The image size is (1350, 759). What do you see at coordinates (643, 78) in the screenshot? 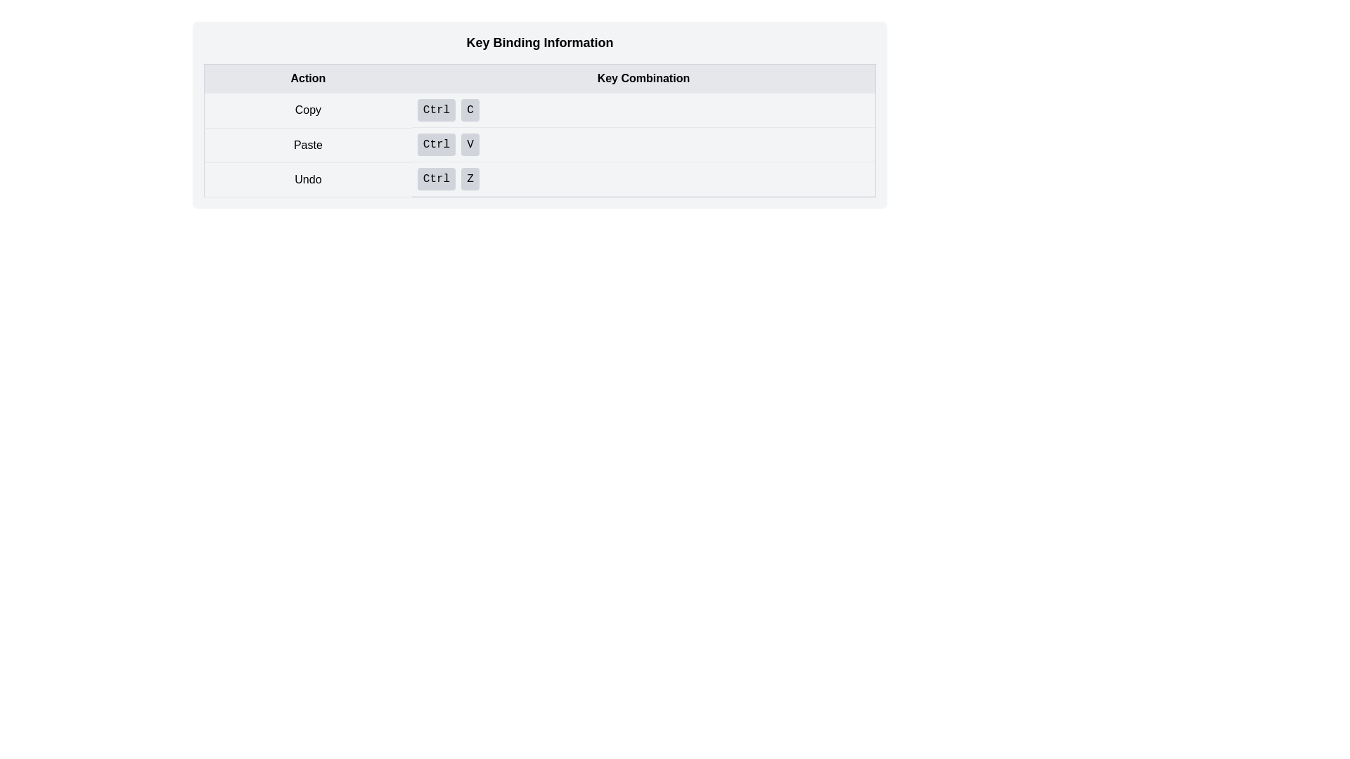
I see `the header label located at the top-right corner of the two-column table, which is the second header immediately to the right of the 'Action' header, to provide context for key combinations associated with various actions` at bounding box center [643, 78].